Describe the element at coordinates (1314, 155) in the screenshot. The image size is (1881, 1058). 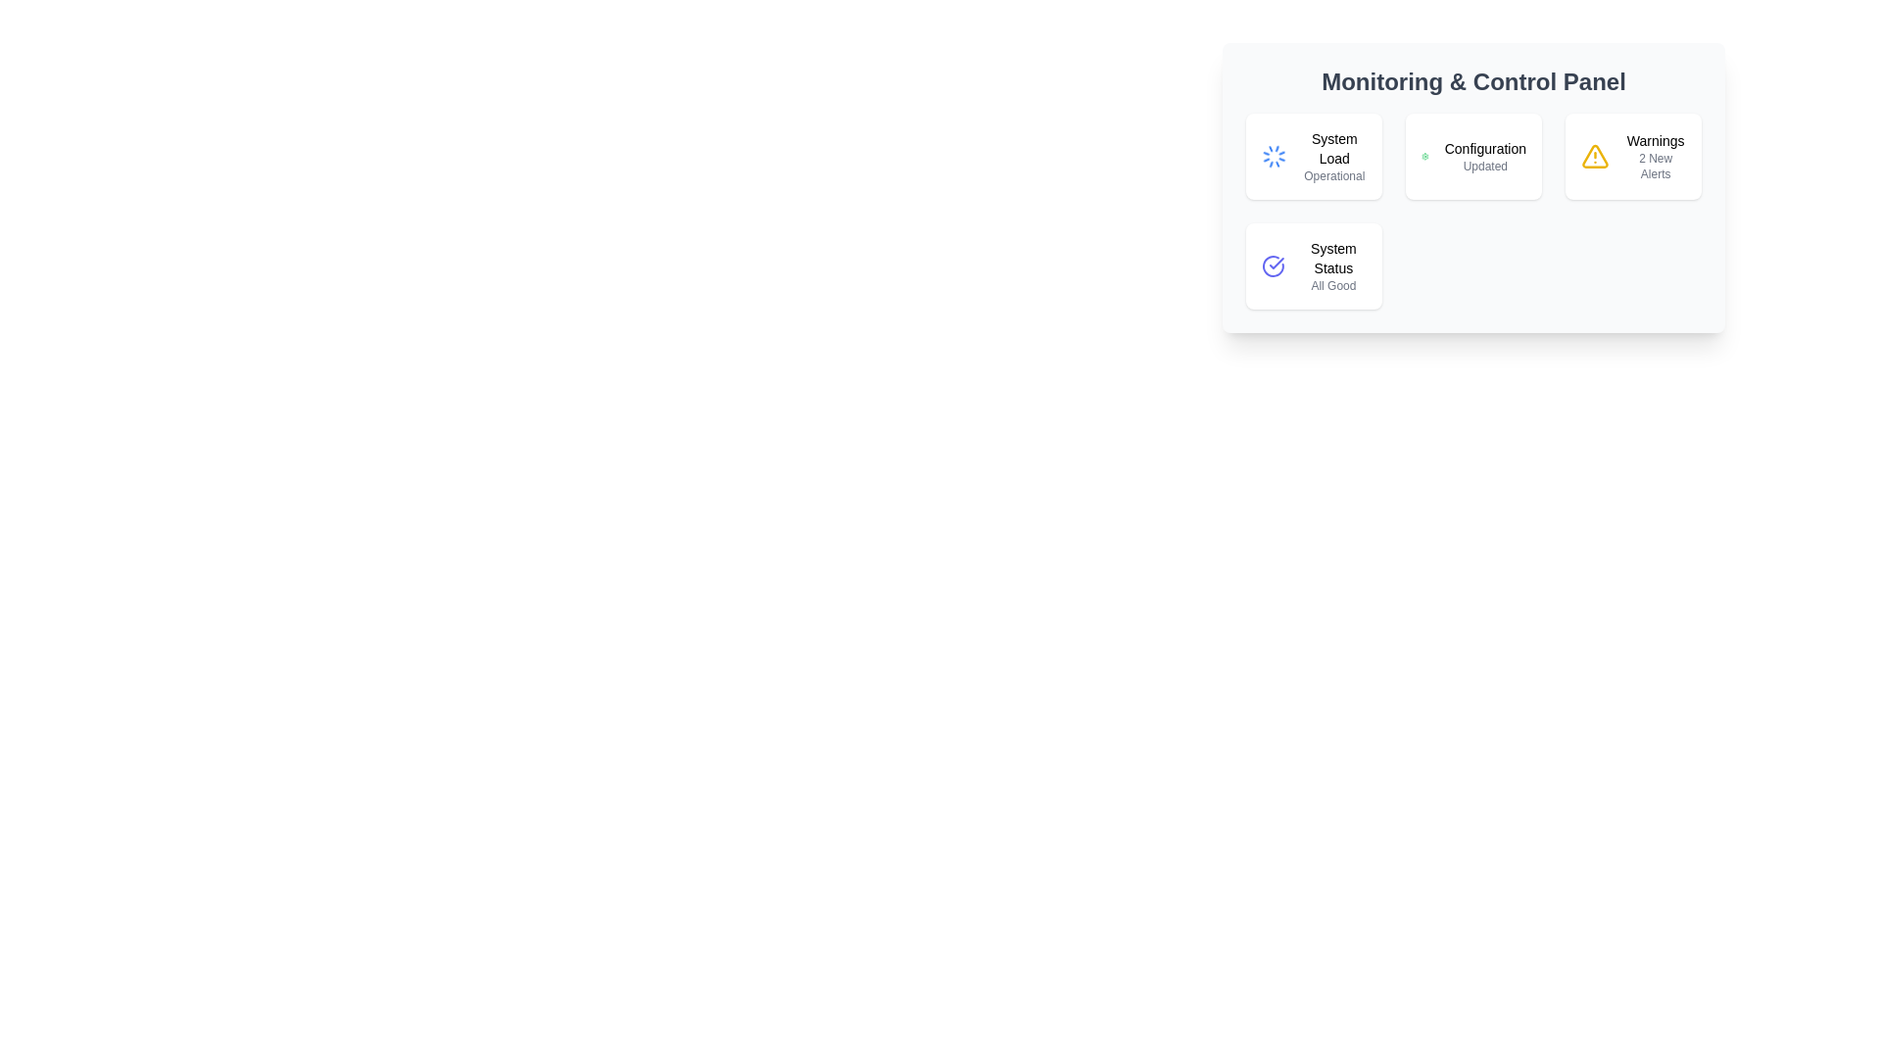
I see `the first rectangular Text and Icon Card in the grid layout located in the top-left corner of the 'Monitoring & Control Panel' section, which conveys real-time system load status information` at that location.